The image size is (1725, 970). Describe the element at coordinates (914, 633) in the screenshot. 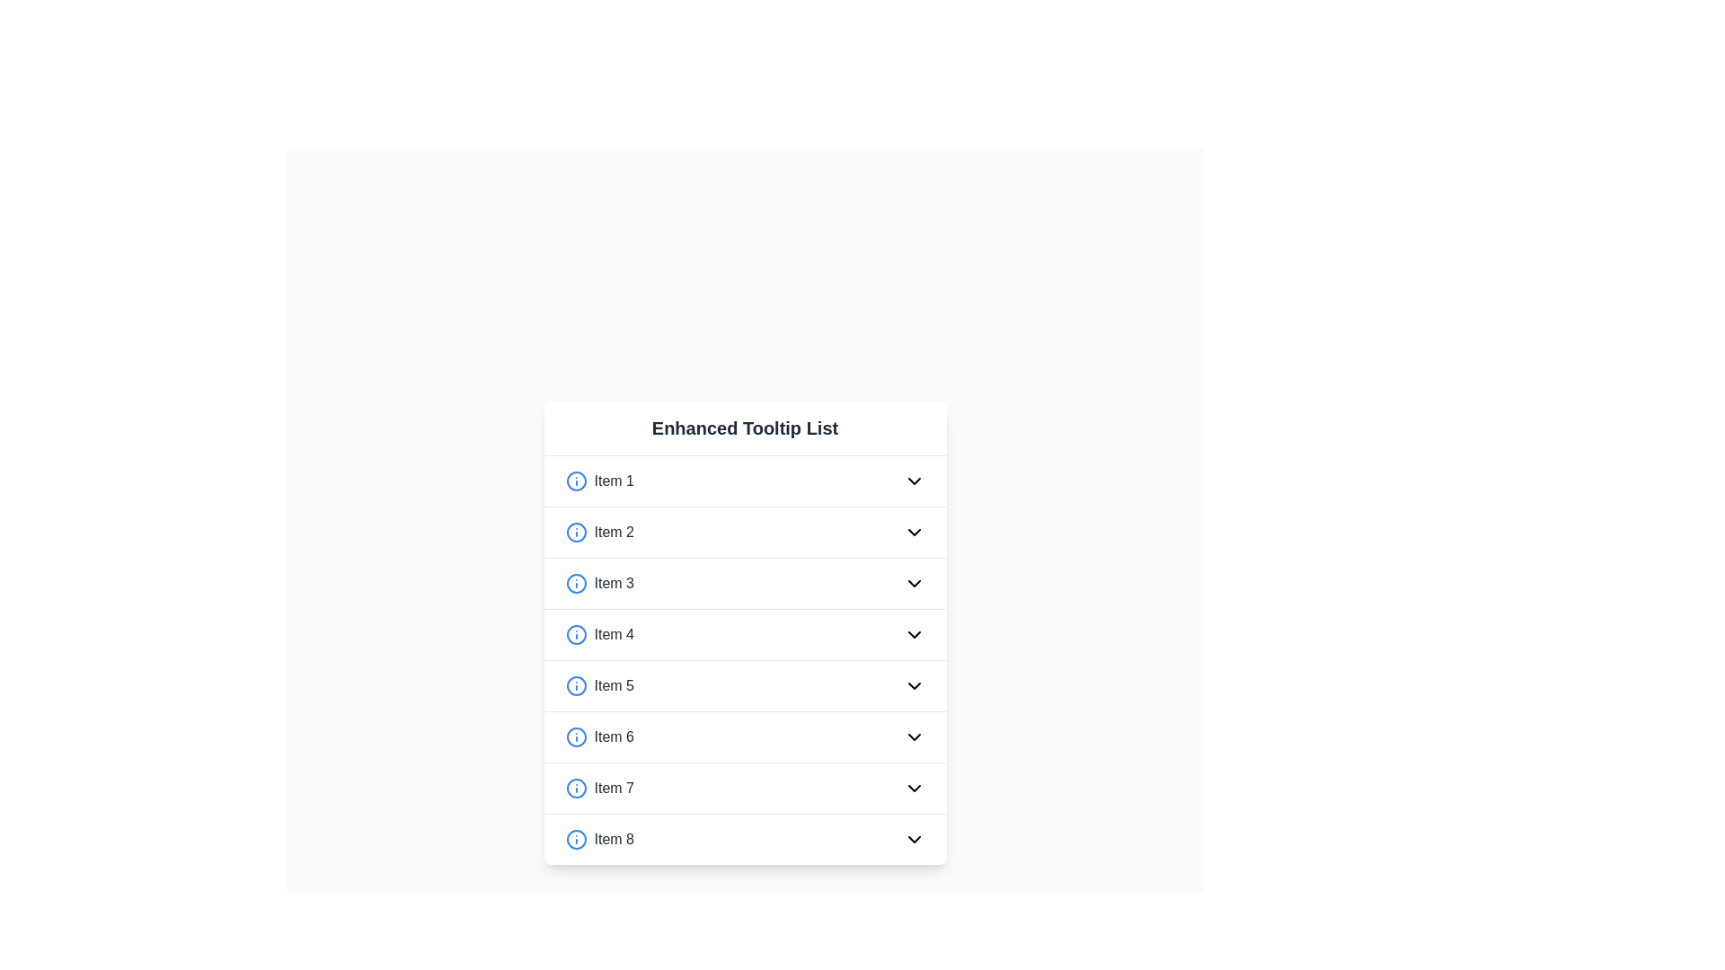

I see `the toggle icon located at the far-right end of 'Item 4'` at that location.